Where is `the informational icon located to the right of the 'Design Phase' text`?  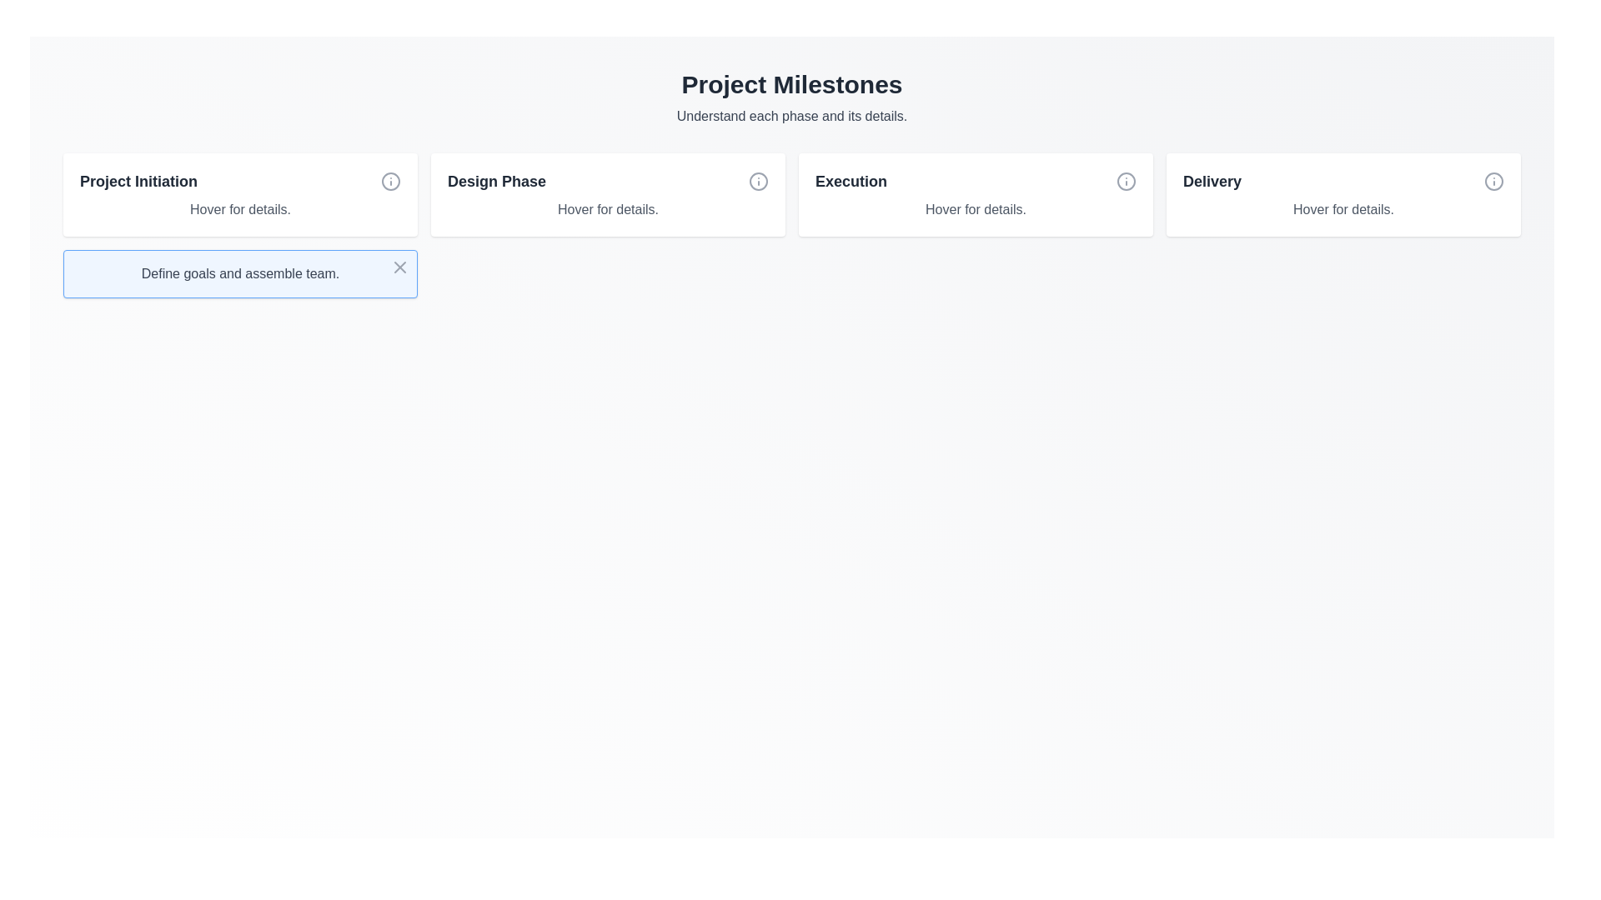
the informational icon located to the right of the 'Design Phase' text is located at coordinates (758, 182).